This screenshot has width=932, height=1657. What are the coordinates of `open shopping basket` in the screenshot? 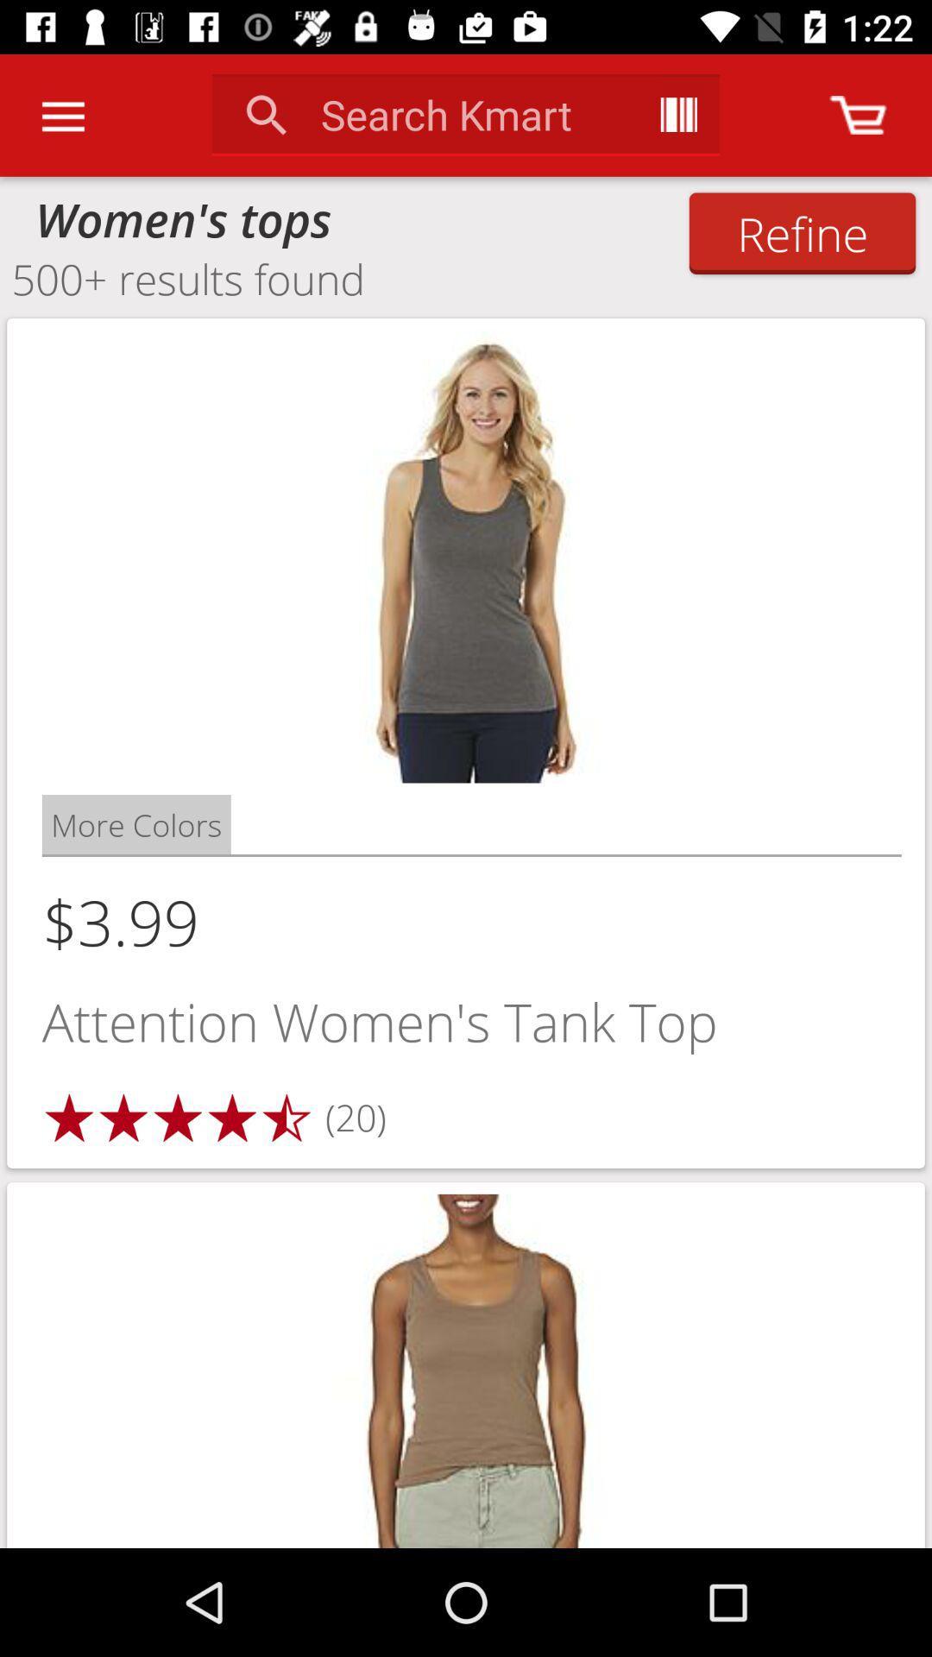 It's located at (858, 114).